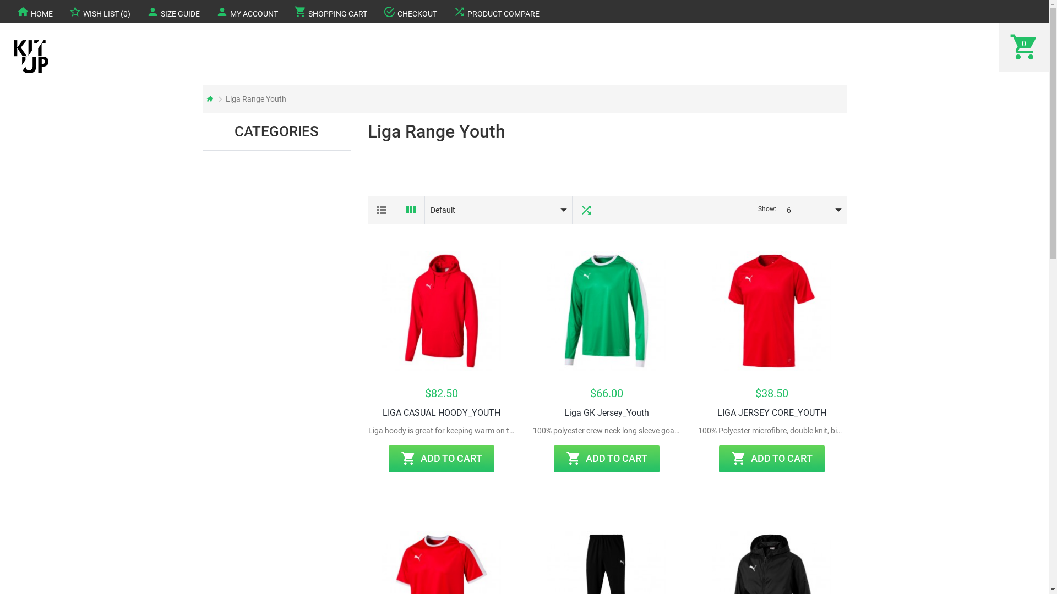  I want to click on 'LIGA JERSEY CORE_YOUTH', so click(771, 311).